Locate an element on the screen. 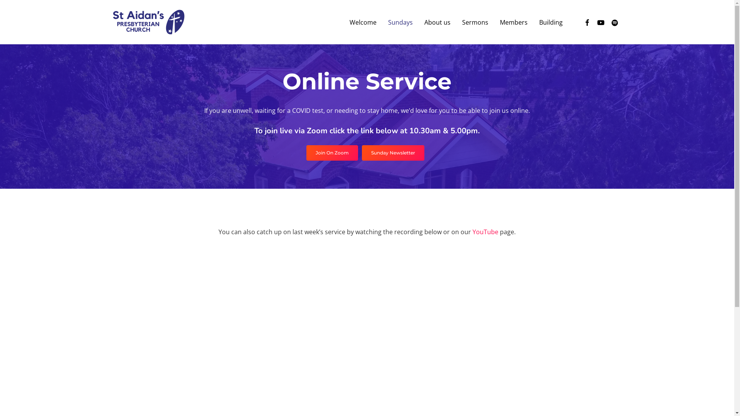 This screenshot has height=416, width=740. 'About us' is located at coordinates (437, 22).